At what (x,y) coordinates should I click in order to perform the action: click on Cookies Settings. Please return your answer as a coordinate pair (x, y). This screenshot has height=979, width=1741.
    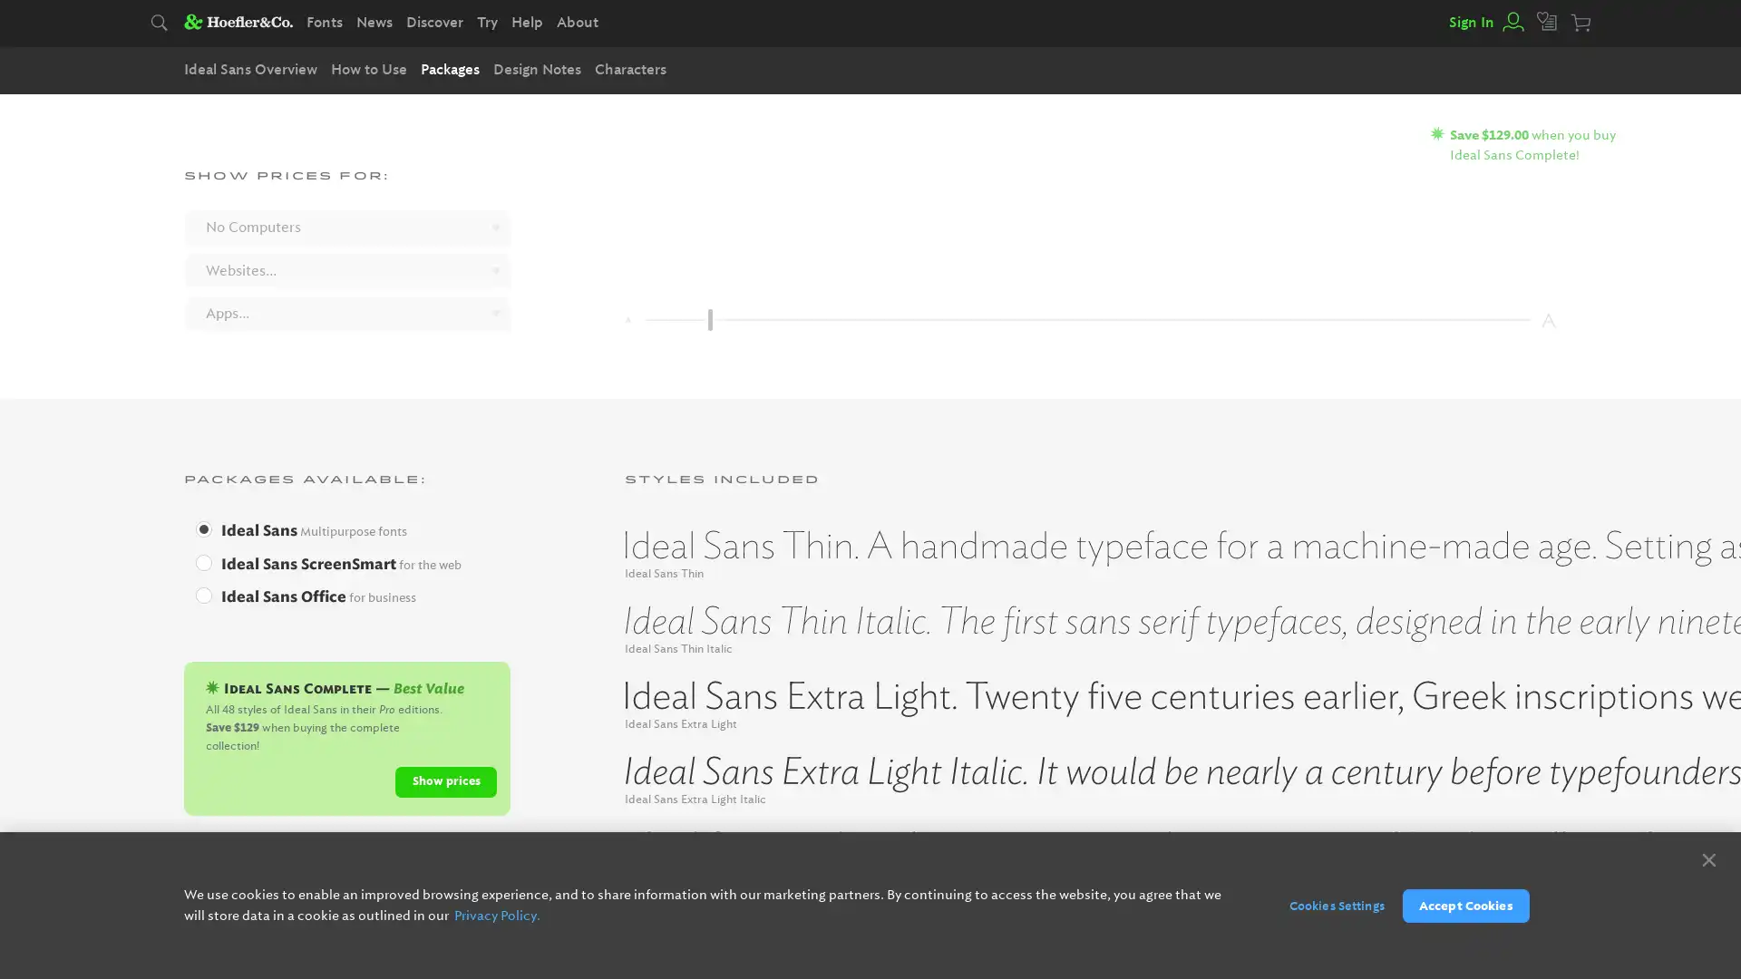
    Looking at the image, I should click on (1327, 905).